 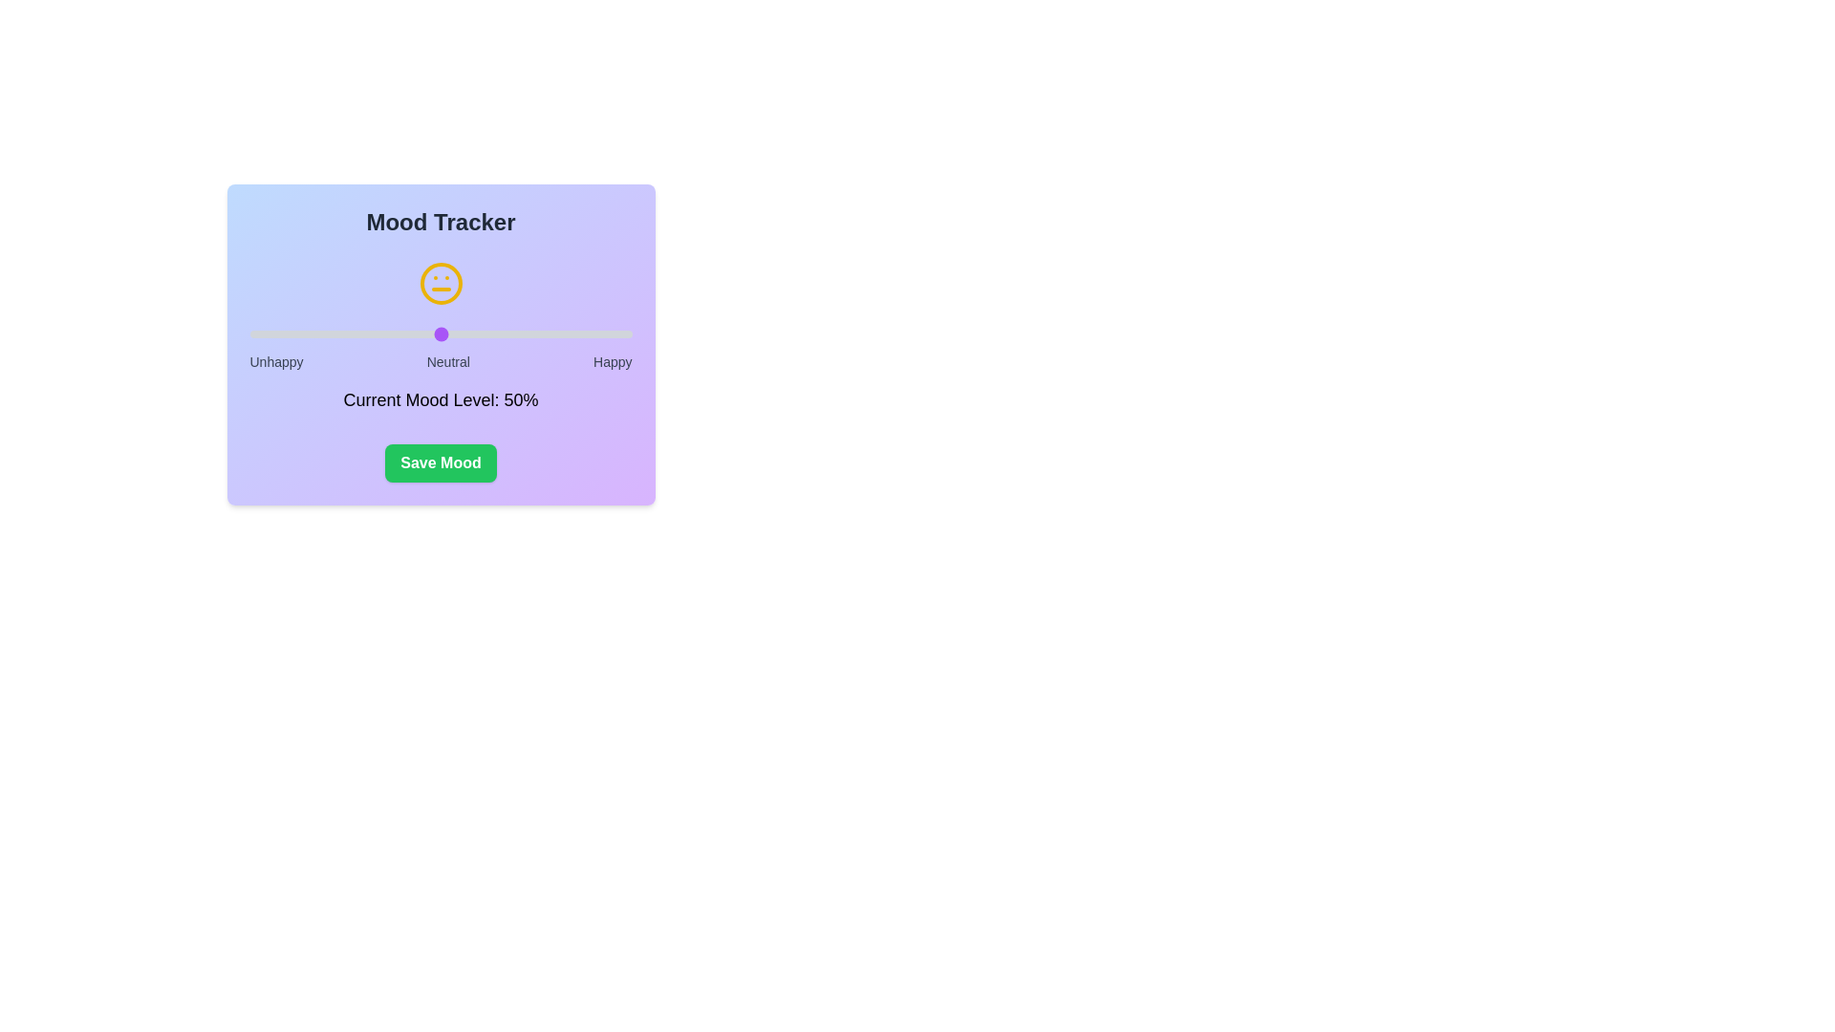 I want to click on the label Neutral to interact with it, so click(x=447, y=361).